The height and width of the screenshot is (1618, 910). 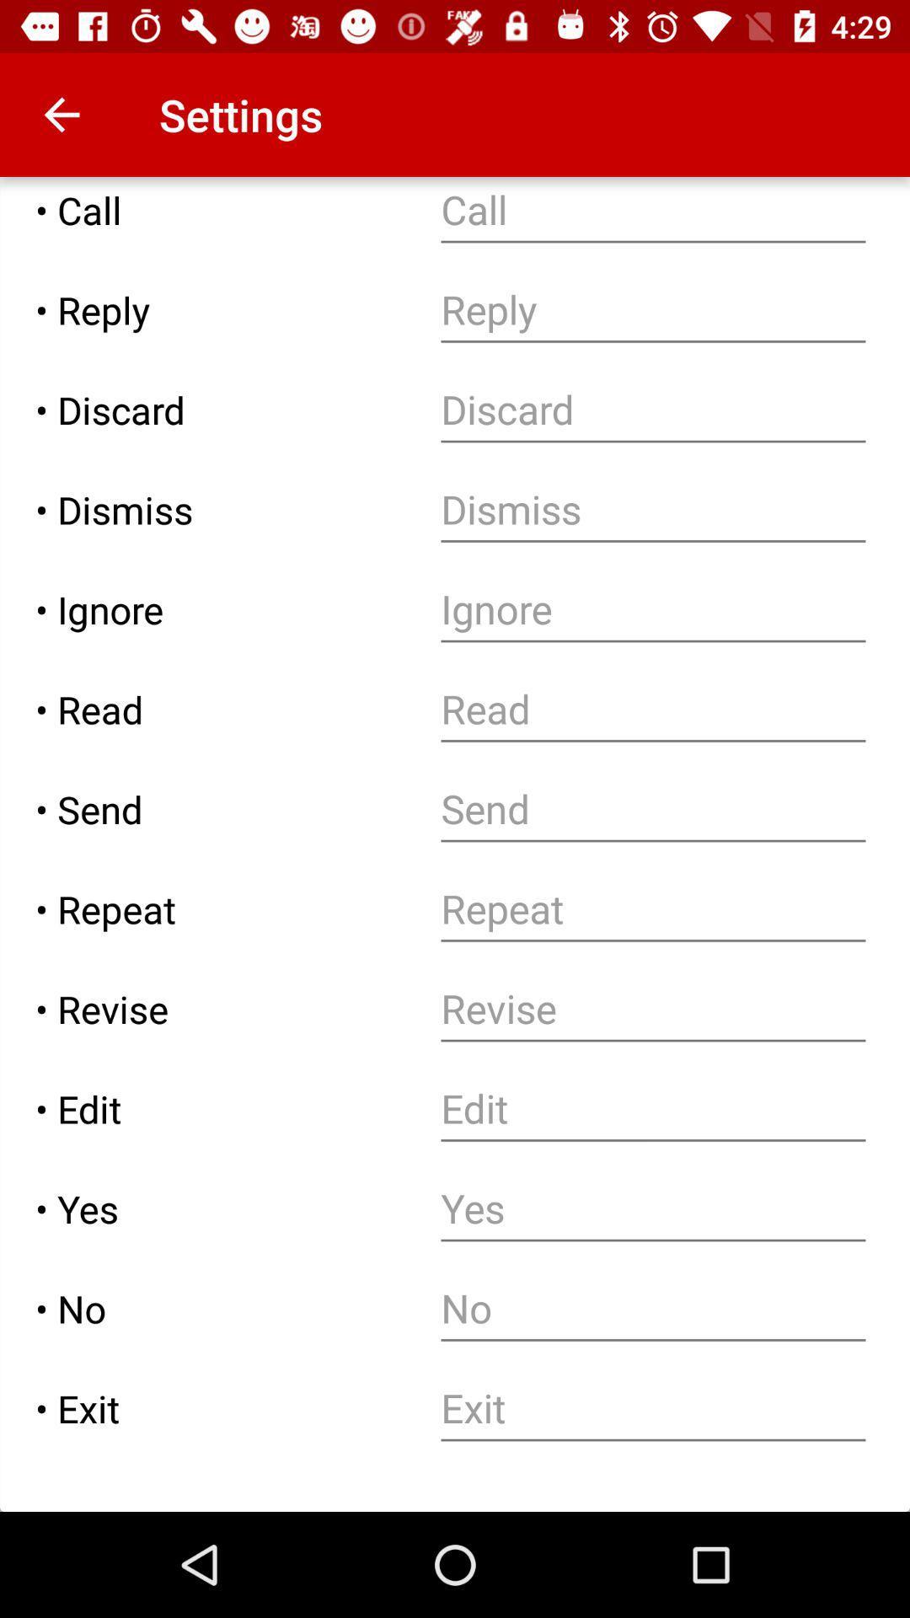 I want to click on change answer, so click(x=652, y=1208).